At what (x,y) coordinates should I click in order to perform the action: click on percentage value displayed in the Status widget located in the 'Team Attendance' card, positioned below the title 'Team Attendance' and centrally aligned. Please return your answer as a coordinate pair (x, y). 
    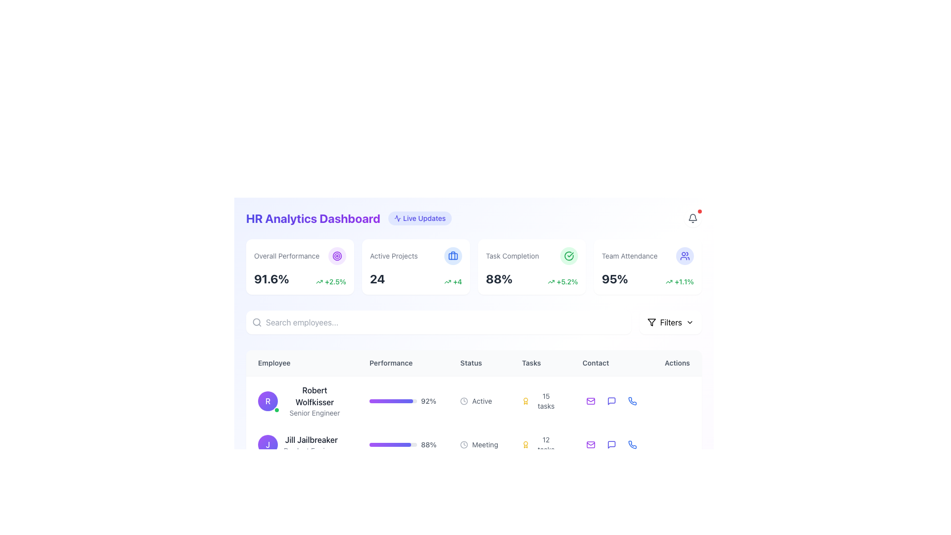
    Looking at the image, I should click on (648, 279).